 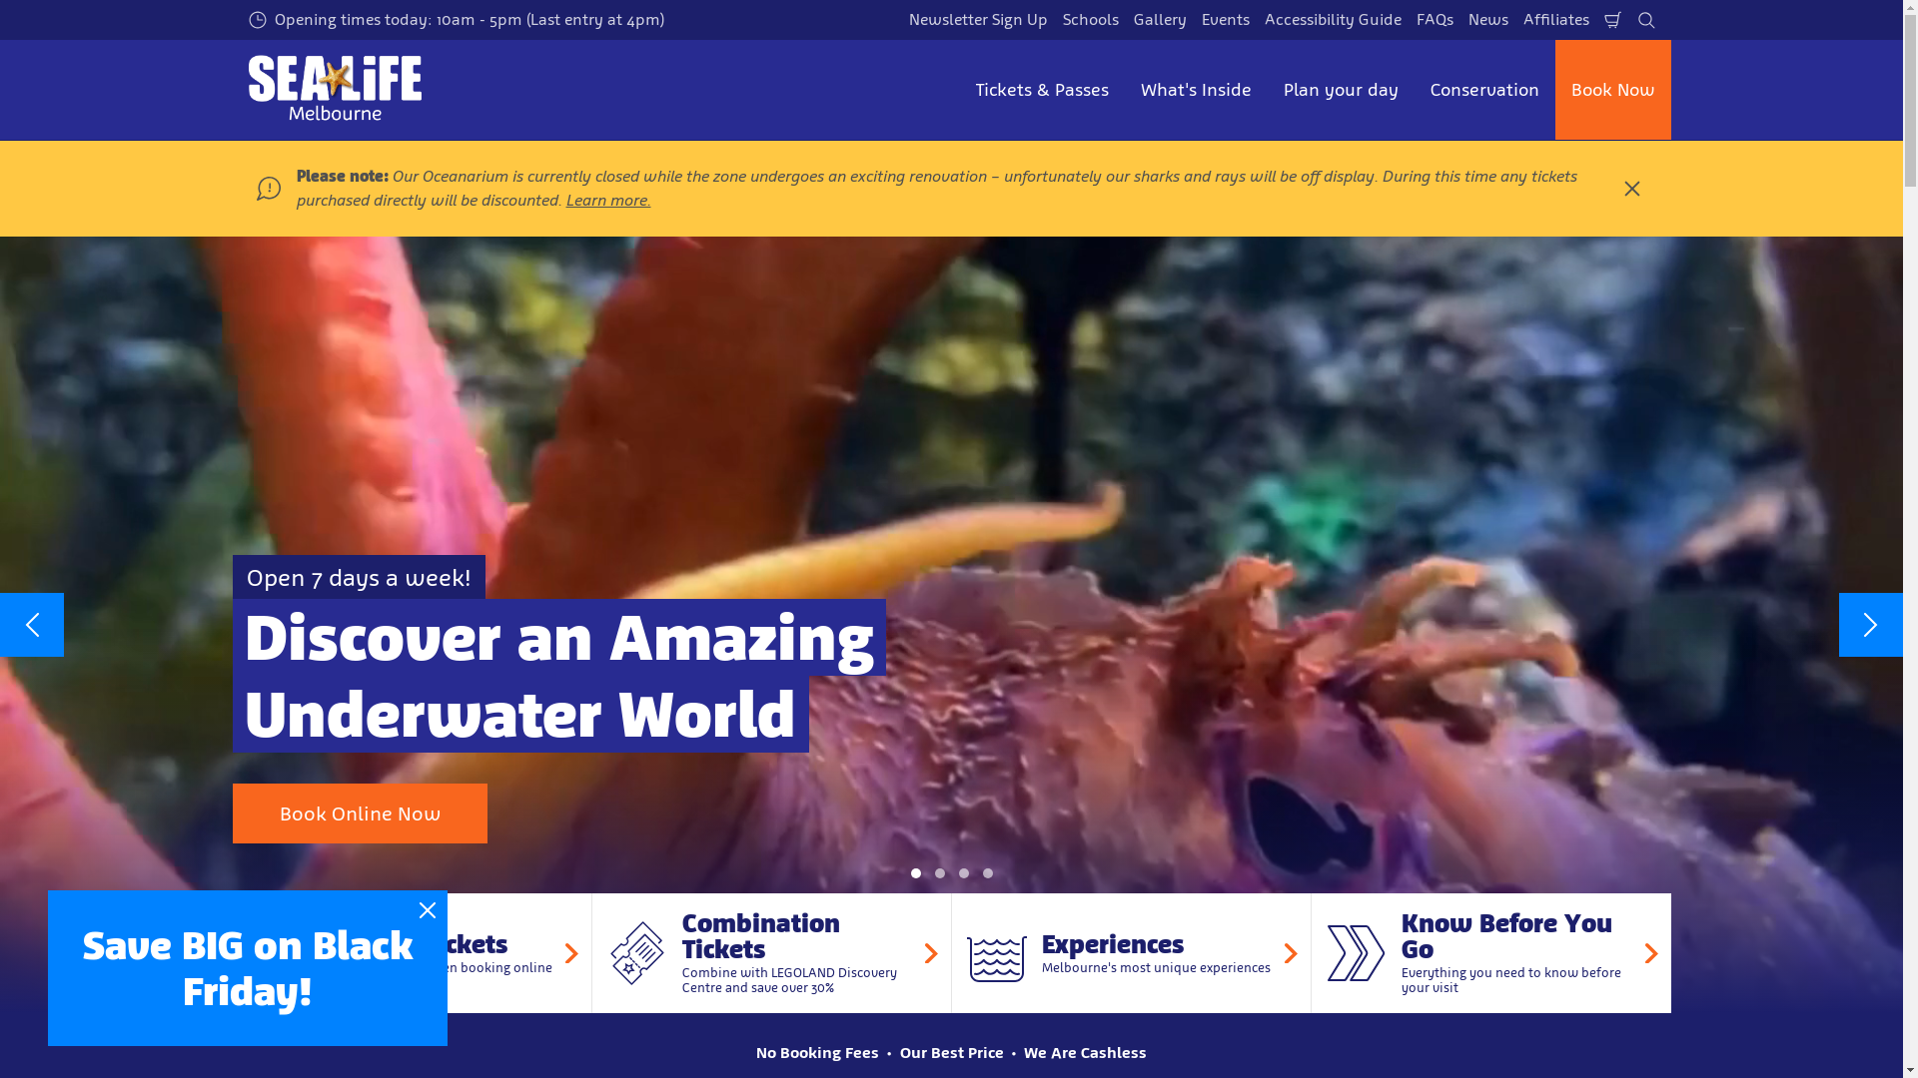 What do you see at coordinates (359, 812) in the screenshot?
I see `'Book Online Now'` at bounding box center [359, 812].